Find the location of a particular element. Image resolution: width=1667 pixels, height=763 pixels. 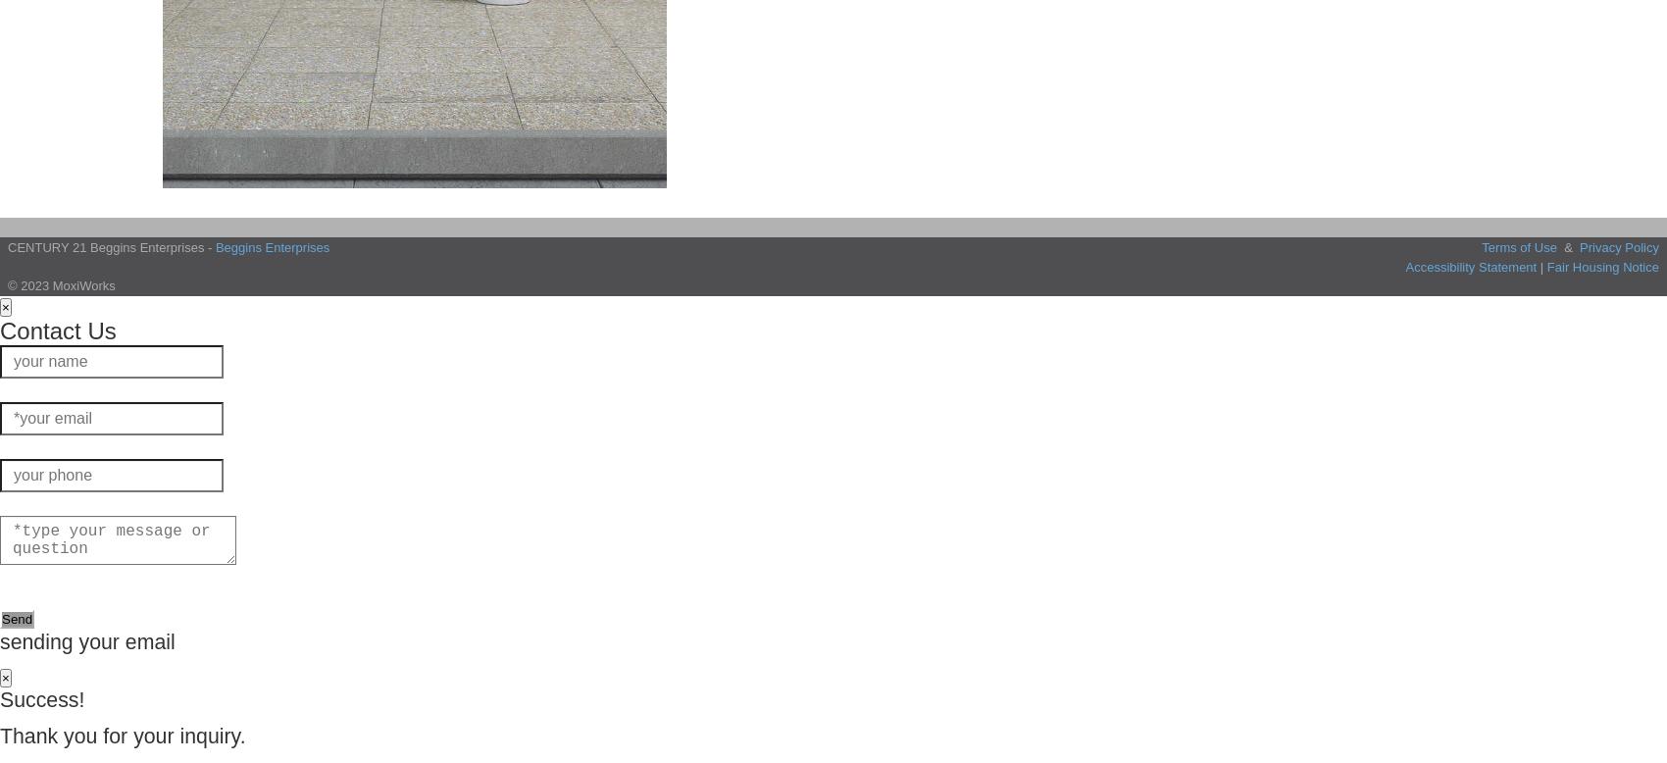

'sending your email' is located at coordinates (87, 640).